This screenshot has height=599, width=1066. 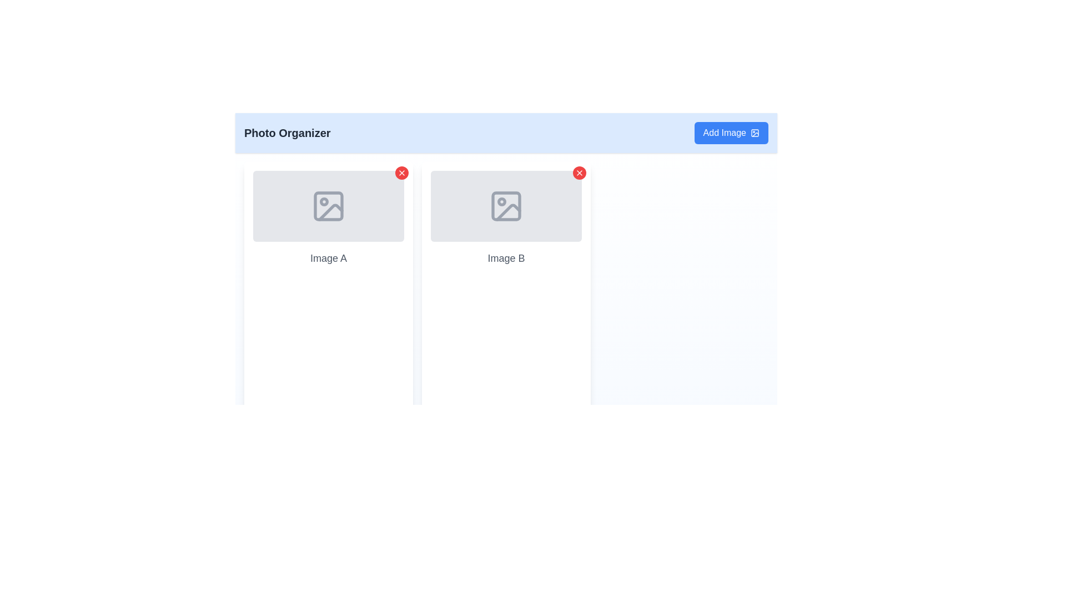 I want to click on the small red circular button with a white cross icon ('X') located at the top-right corner of 'Image A' card for tooltip or style change, so click(x=401, y=173).